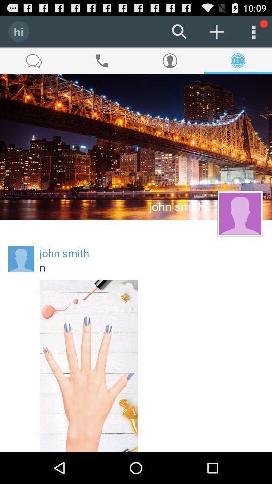 Image resolution: width=272 pixels, height=484 pixels. Describe the element at coordinates (151, 267) in the screenshot. I see `the n` at that location.